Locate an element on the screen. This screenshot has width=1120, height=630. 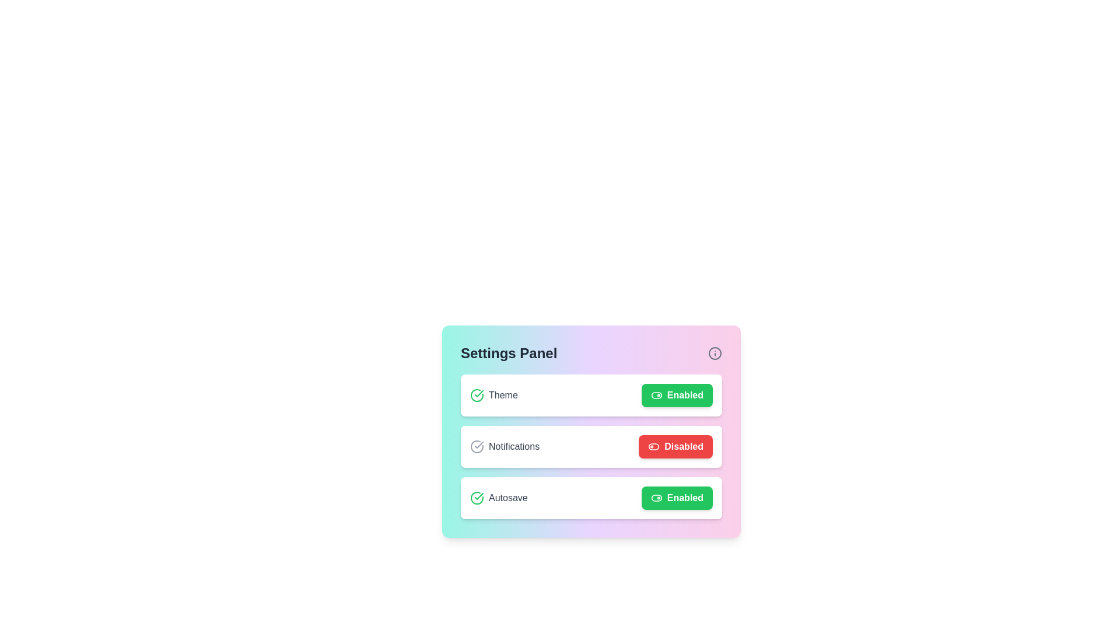
the setting item Autosave is located at coordinates (591, 498).